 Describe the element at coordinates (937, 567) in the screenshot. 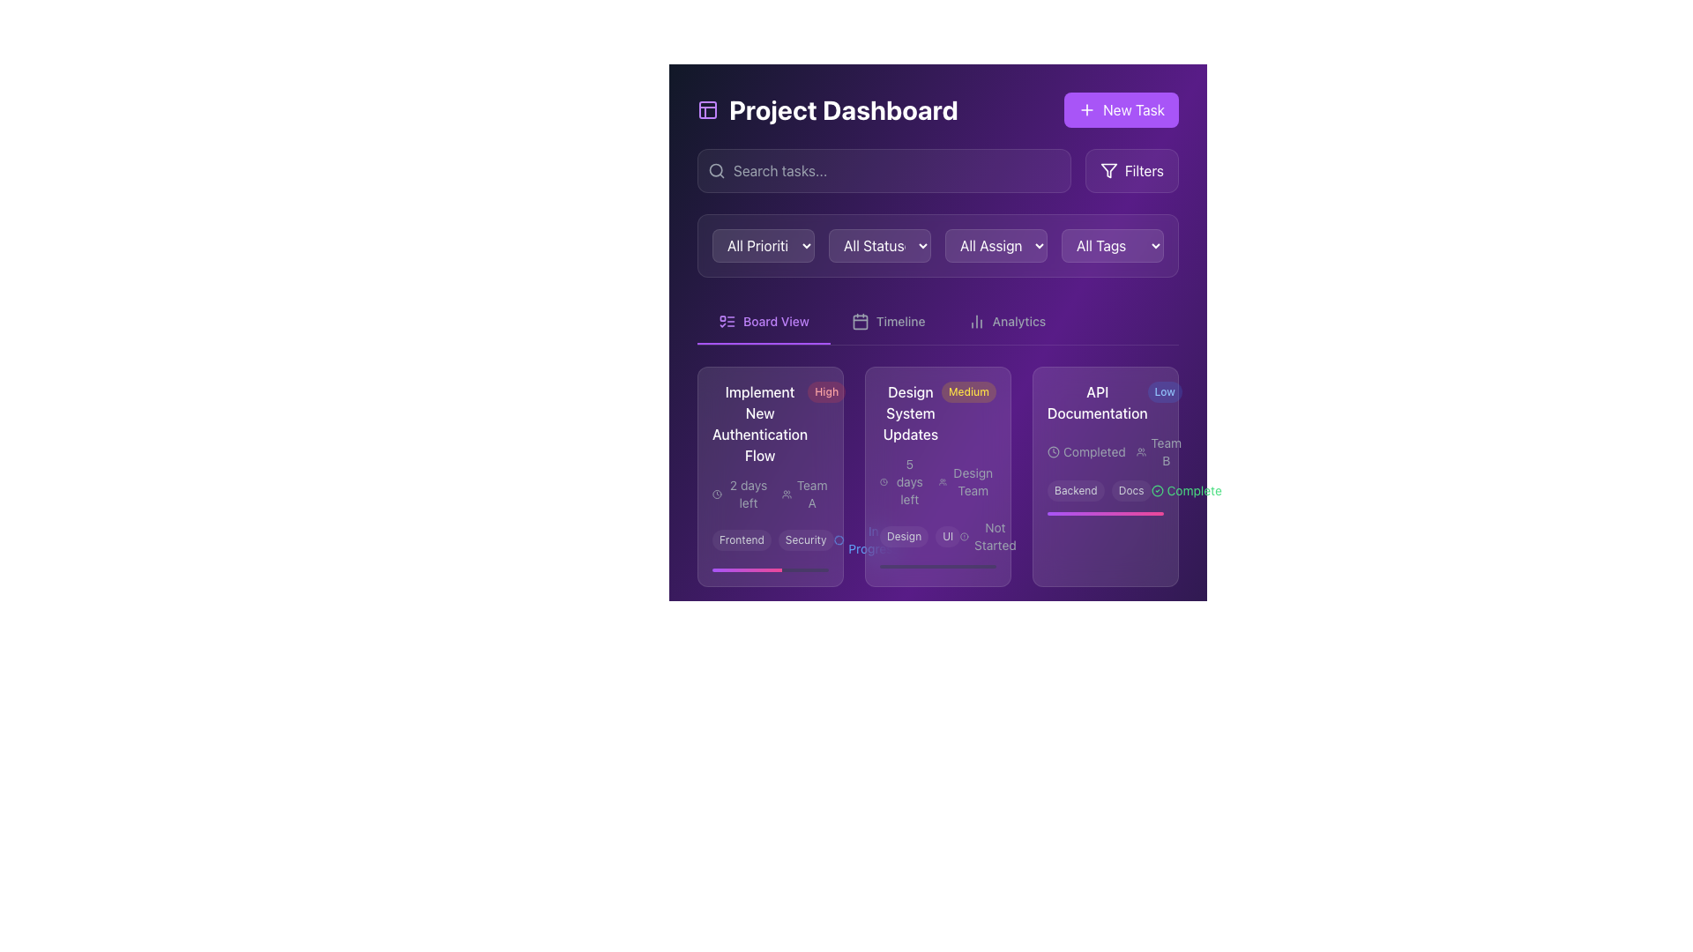

I see `the rectangular progress bar located at the bottom of the 'Design System Updates' card, which features a muted gray background and is styled with slightly rounded corners` at that location.